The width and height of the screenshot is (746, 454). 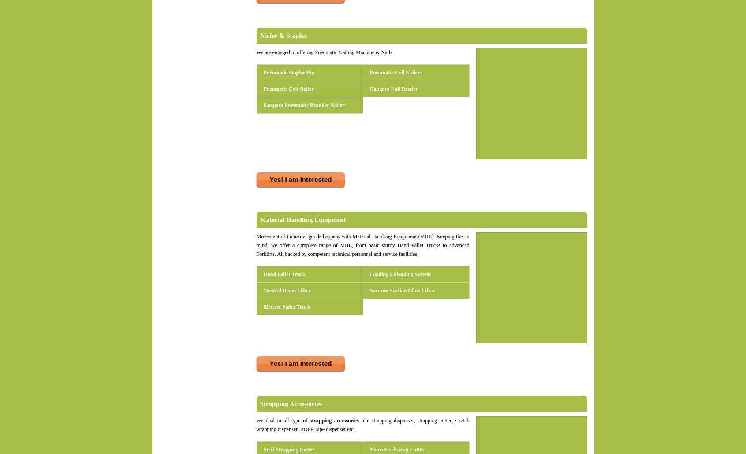 I want to click on 'Electric Pallet Truck', so click(x=287, y=306).